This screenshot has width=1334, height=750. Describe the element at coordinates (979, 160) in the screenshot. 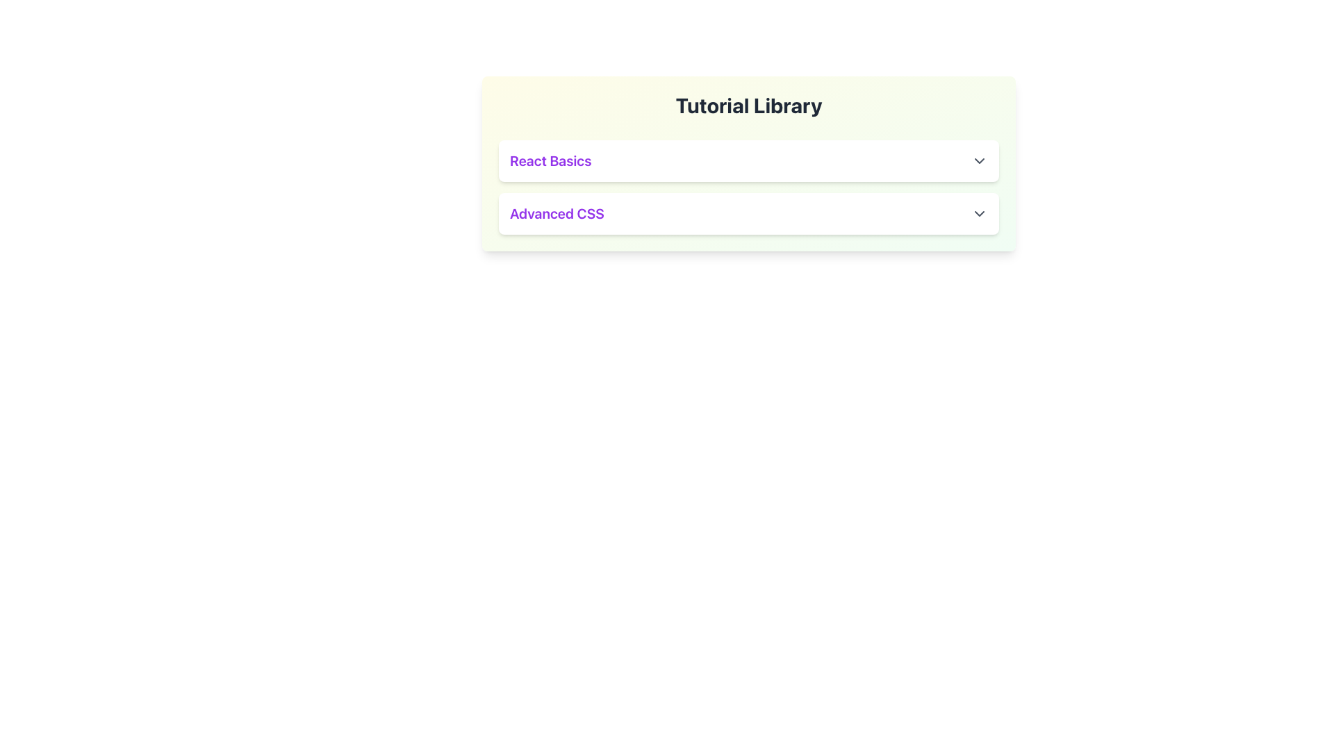

I see `the downward-facing chevron icon styled in gray, located to the right of the 'React Basics' text` at that location.